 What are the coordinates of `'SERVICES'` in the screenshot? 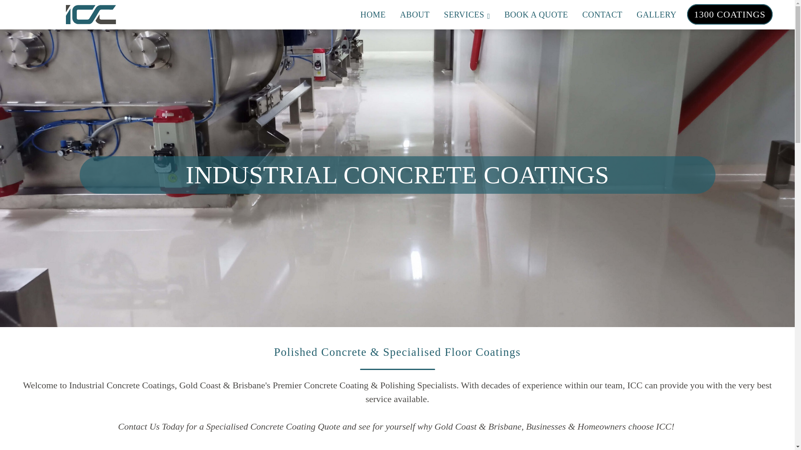 It's located at (466, 14).